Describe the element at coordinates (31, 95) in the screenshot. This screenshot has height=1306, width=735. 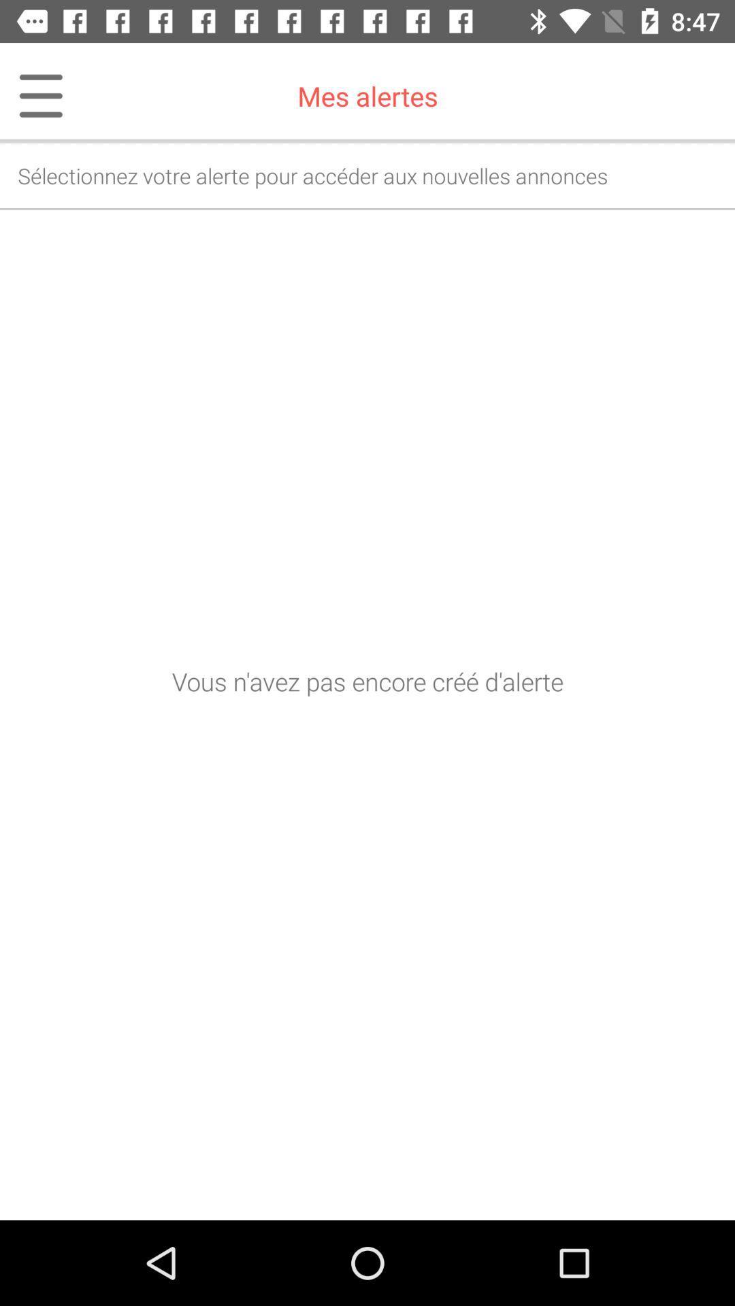
I see `icon to the left of mes alertes` at that location.